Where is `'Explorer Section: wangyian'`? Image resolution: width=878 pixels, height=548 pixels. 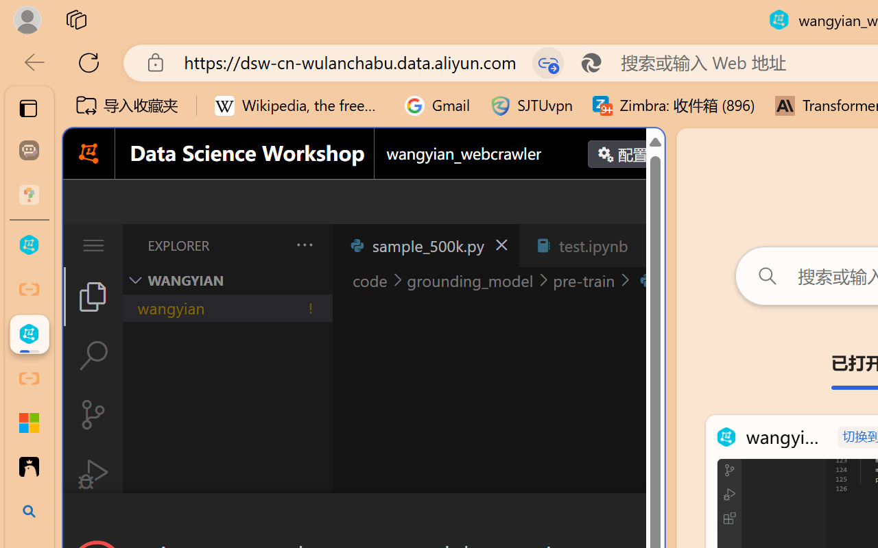
'Explorer Section: wangyian' is located at coordinates (227, 280).